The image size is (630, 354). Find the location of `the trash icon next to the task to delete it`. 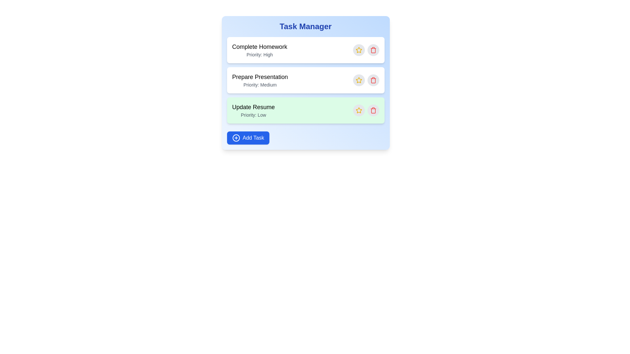

the trash icon next to the task to delete it is located at coordinates (373, 50).